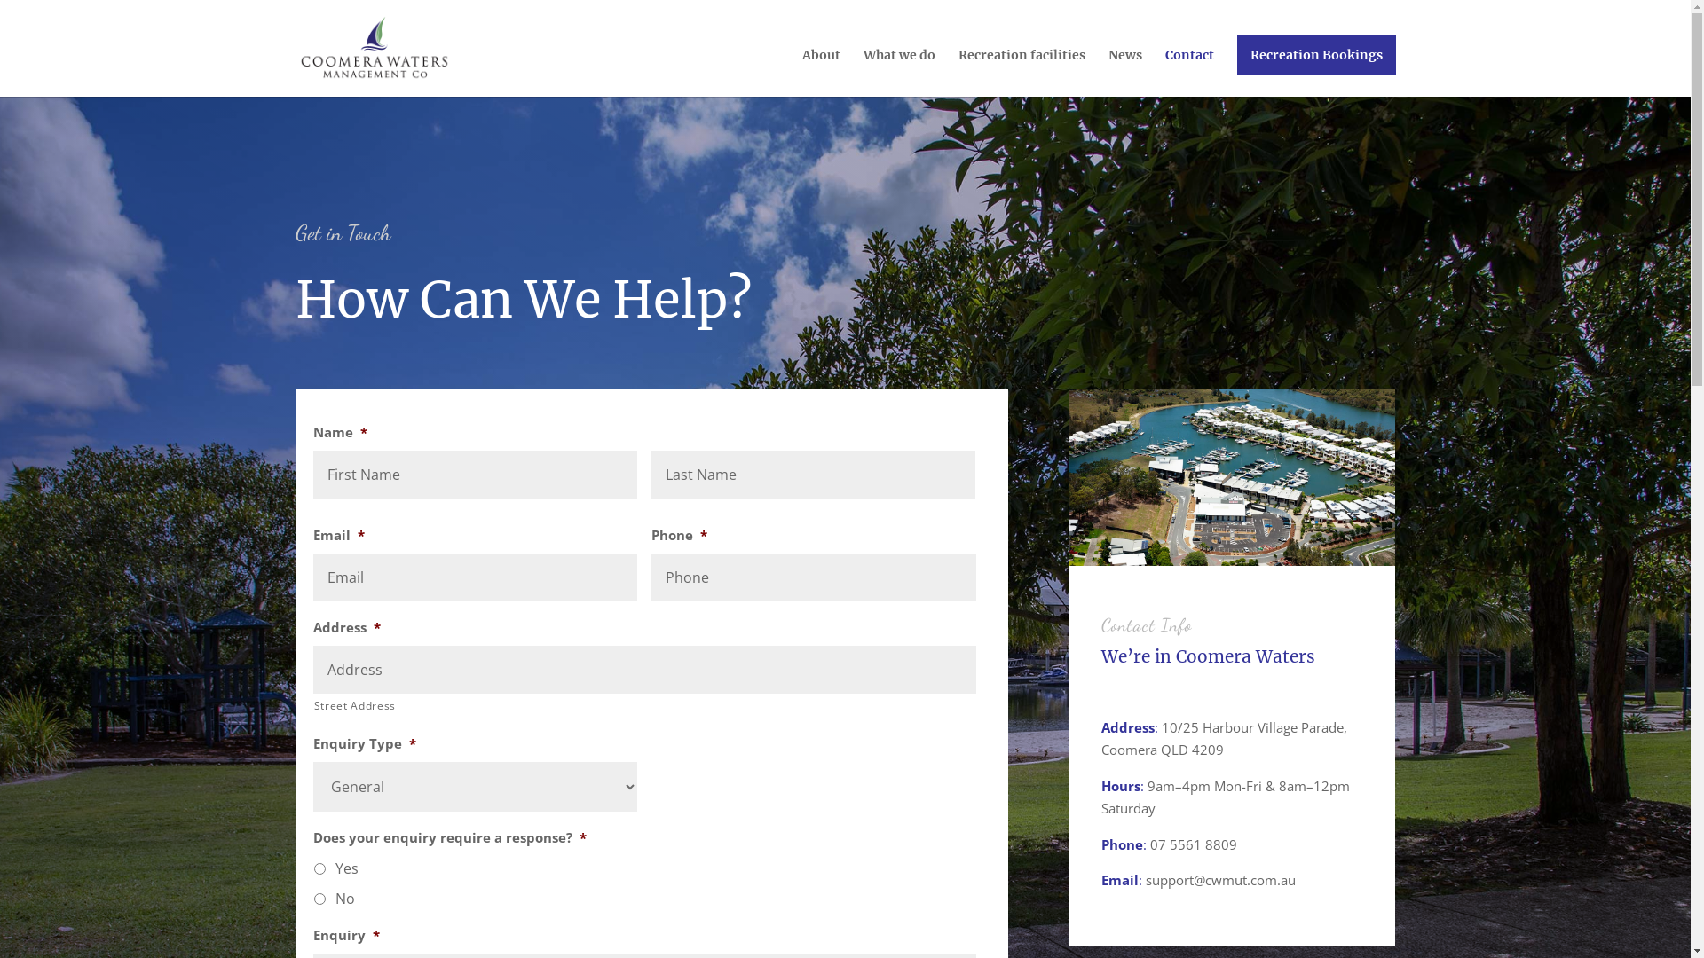 This screenshot has height=958, width=1704. What do you see at coordinates (898, 71) in the screenshot?
I see `'What we do'` at bounding box center [898, 71].